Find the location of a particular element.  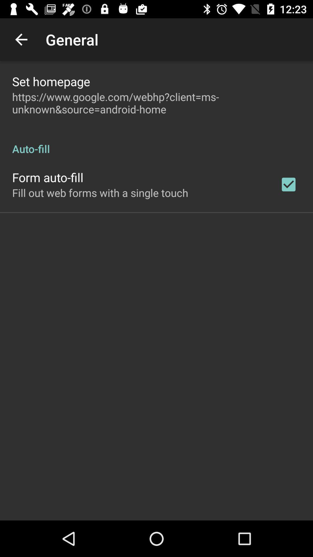

item above set homepage app is located at coordinates (21, 39).